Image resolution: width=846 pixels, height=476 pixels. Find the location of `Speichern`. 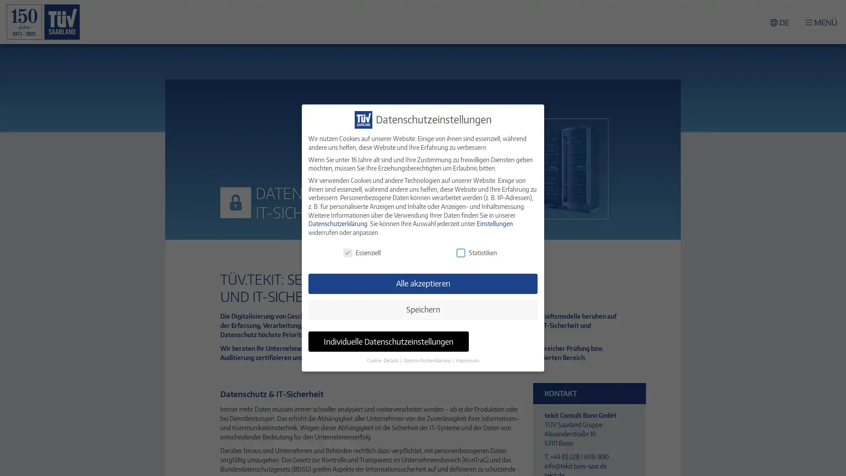

Speichern is located at coordinates (423, 309).